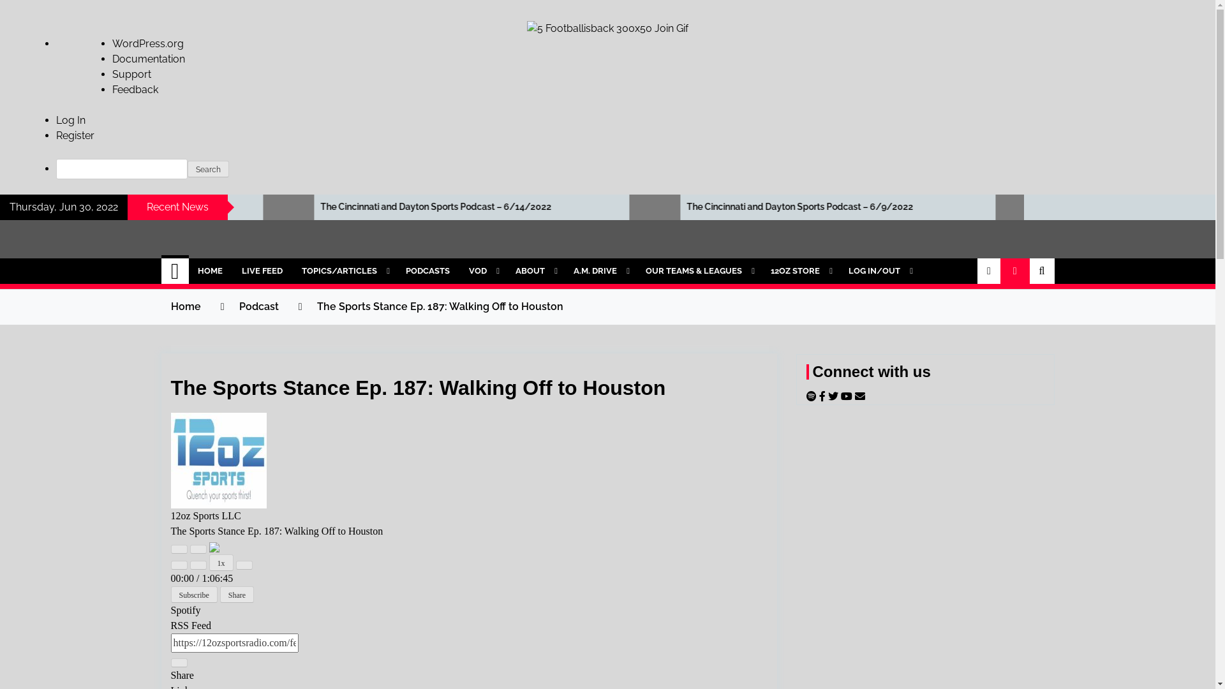 The width and height of the screenshot is (1225, 689). I want to click on 'TOPICS/ARTICLES', so click(344, 270).